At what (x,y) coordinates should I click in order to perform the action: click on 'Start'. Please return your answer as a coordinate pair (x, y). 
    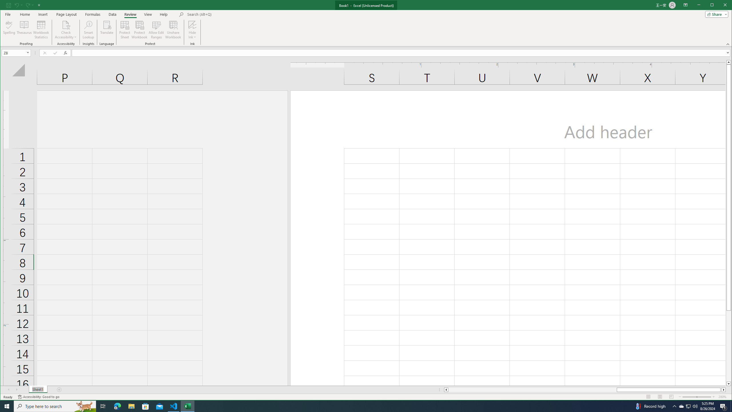
    Looking at the image, I should click on (7, 406).